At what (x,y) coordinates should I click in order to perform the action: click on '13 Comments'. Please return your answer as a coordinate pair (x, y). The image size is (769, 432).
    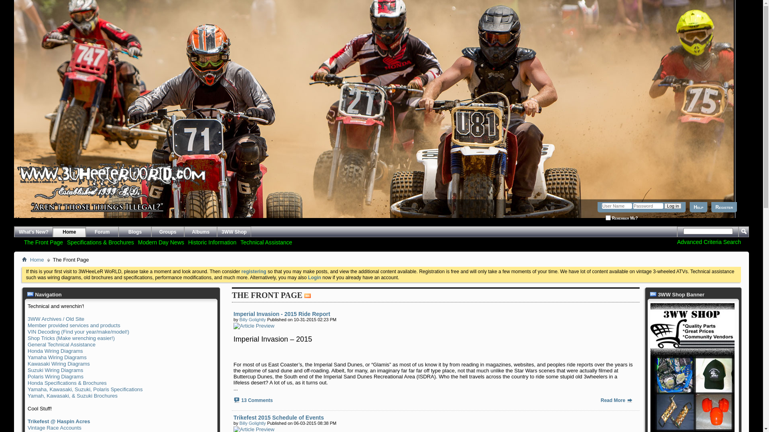
    Looking at the image, I should click on (257, 400).